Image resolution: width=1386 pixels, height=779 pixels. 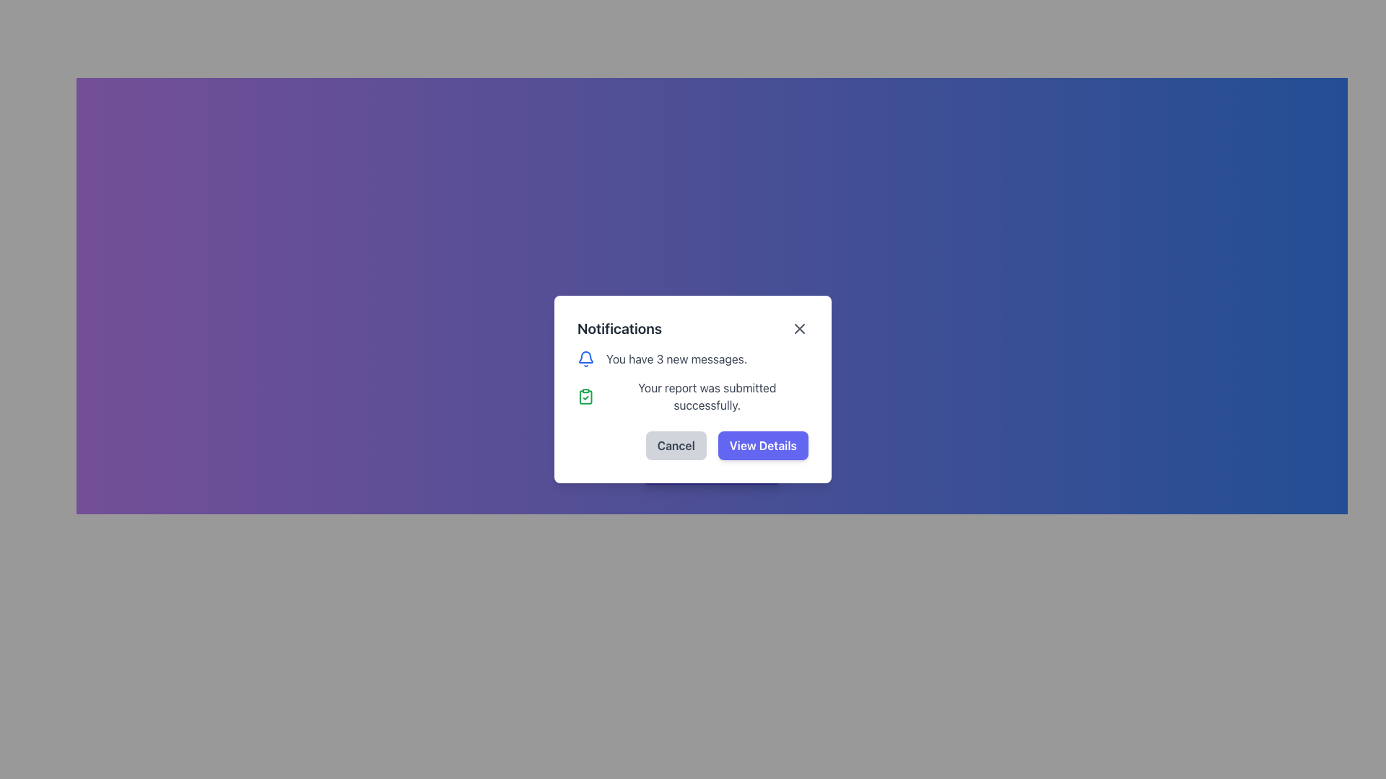 What do you see at coordinates (619, 328) in the screenshot?
I see `the 'Notifications' header displayed in bold and larger font at the top of the modal dialog box` at bounding box center [619, 328].